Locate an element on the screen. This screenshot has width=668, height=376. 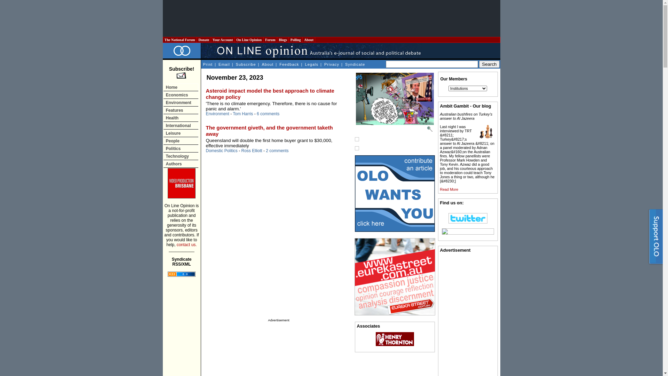
' Blogs ' is located at coordinates (283, 40).